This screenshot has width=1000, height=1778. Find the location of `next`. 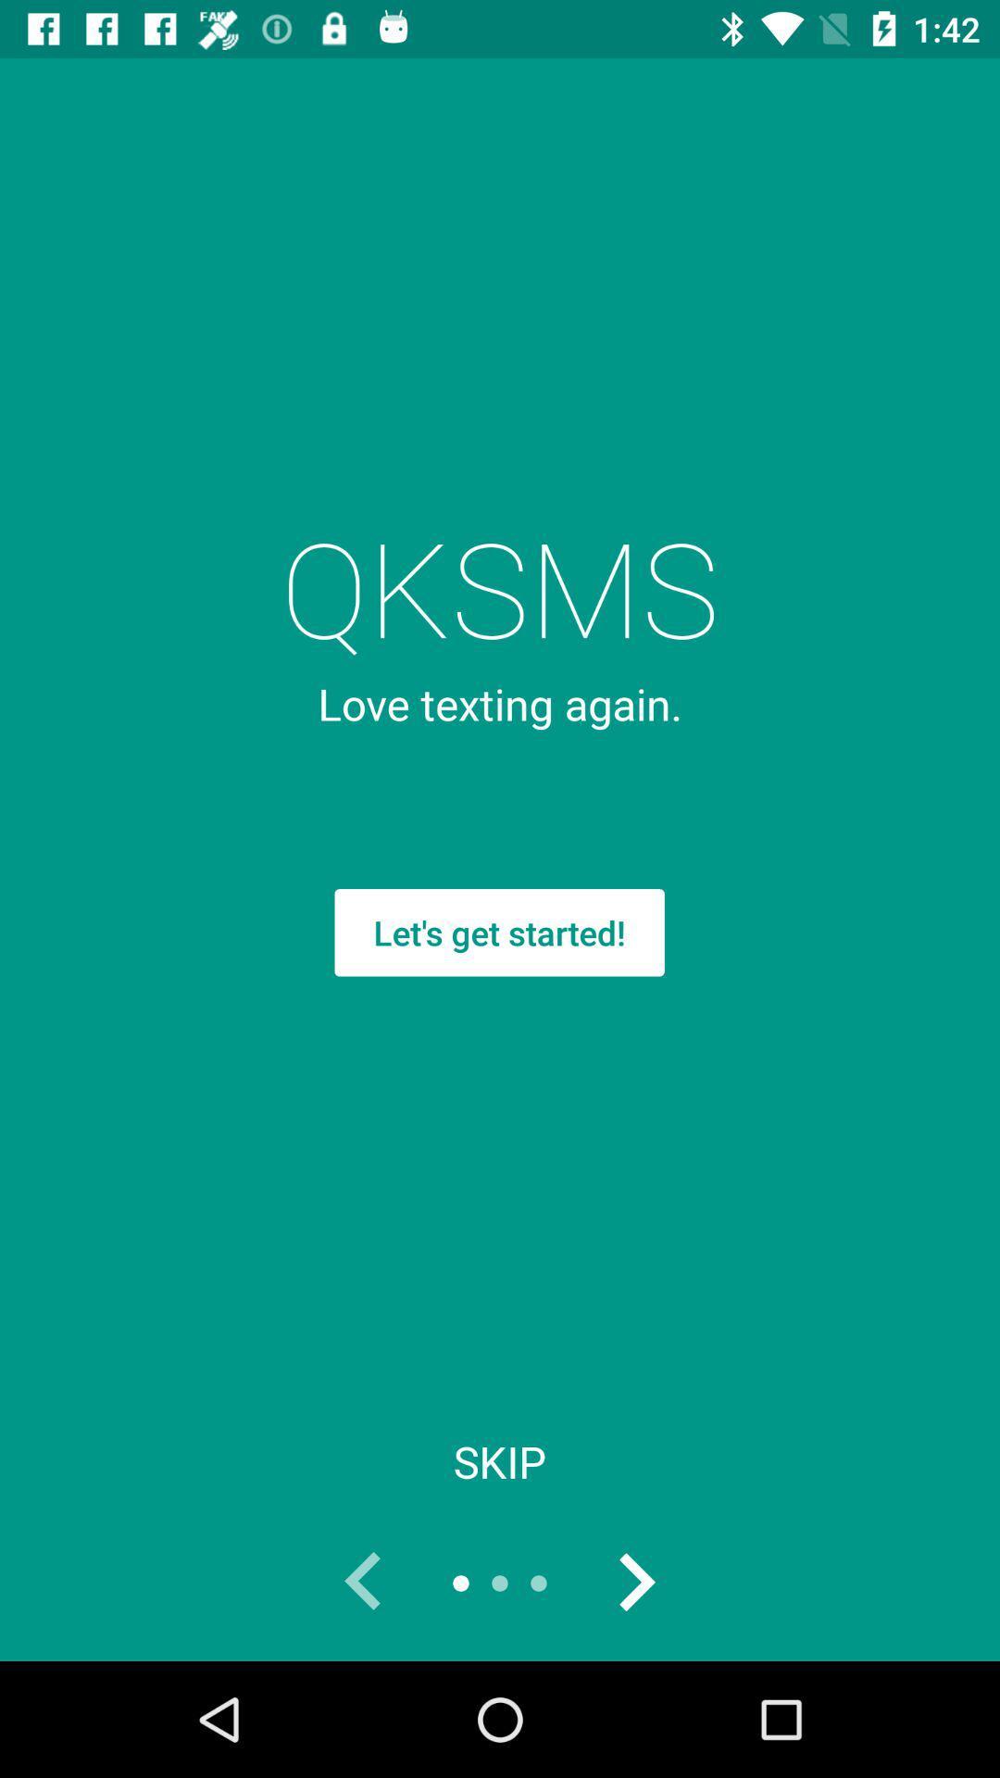

next is located at coordinates (634, 1582).